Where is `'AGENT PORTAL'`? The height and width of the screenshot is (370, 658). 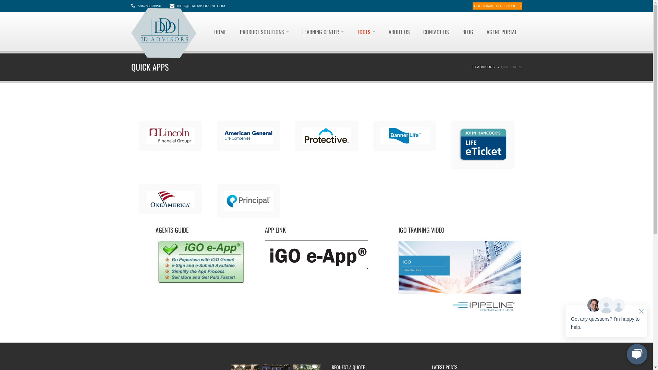
'AGENT PORTAL' is located at coordinates (480, 32).